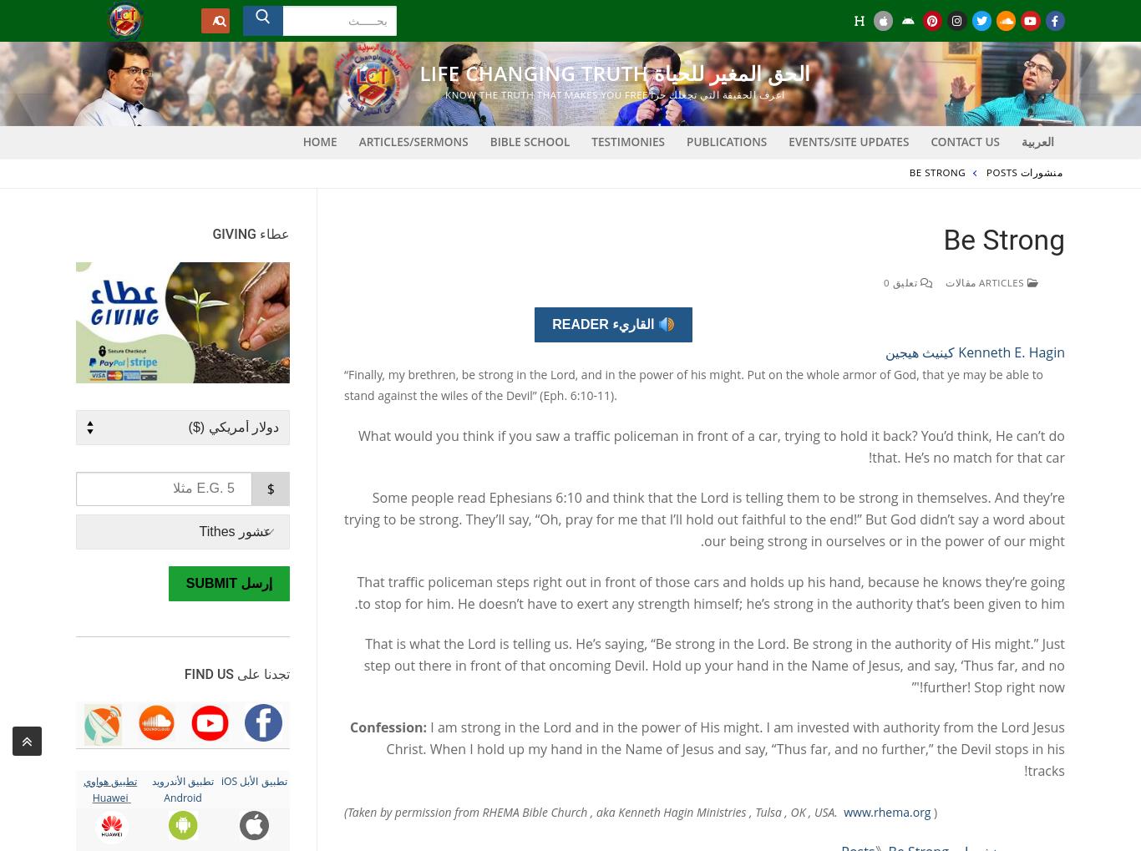 The image size is (1141, 851). I want to click on 'www.rhema.org', so click(886, 810).